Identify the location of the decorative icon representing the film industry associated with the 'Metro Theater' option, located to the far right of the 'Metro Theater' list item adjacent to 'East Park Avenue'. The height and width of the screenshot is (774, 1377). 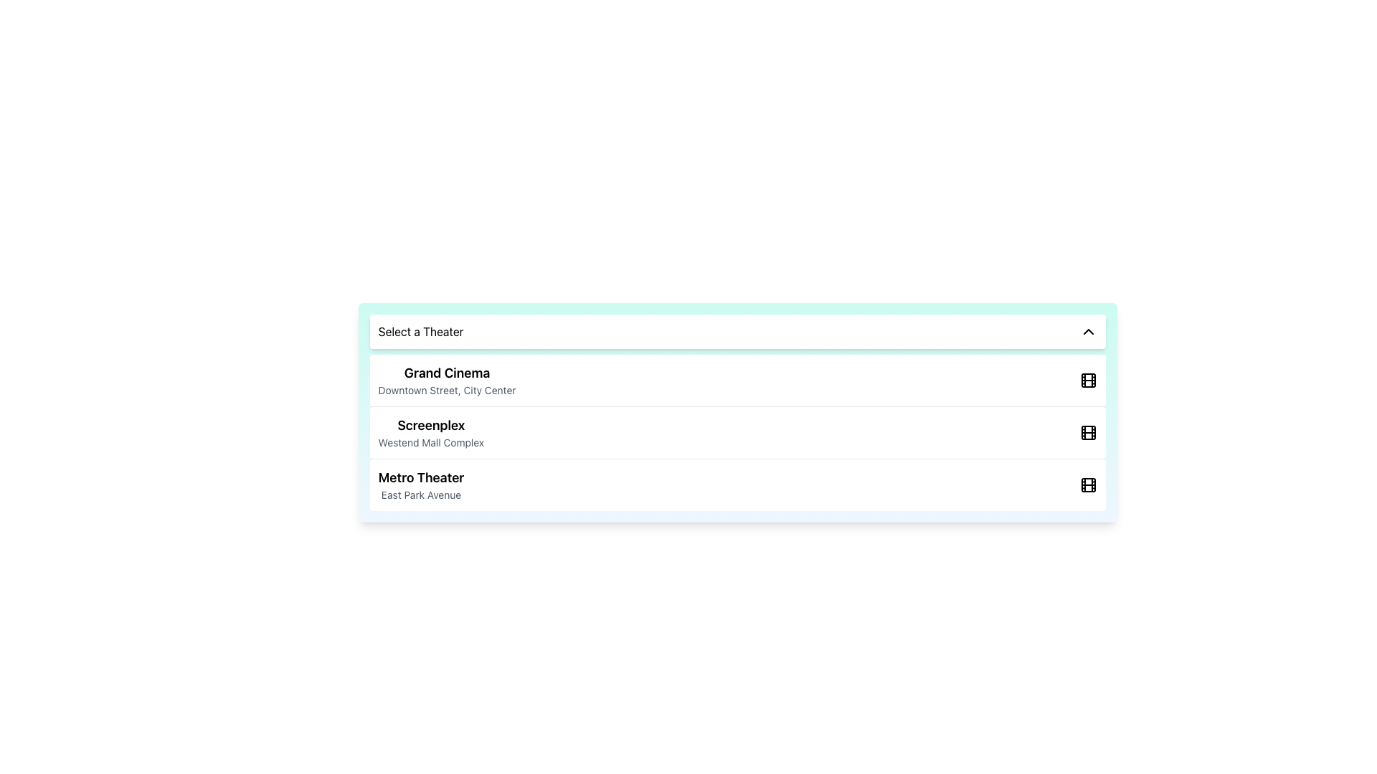
(1089, 484).